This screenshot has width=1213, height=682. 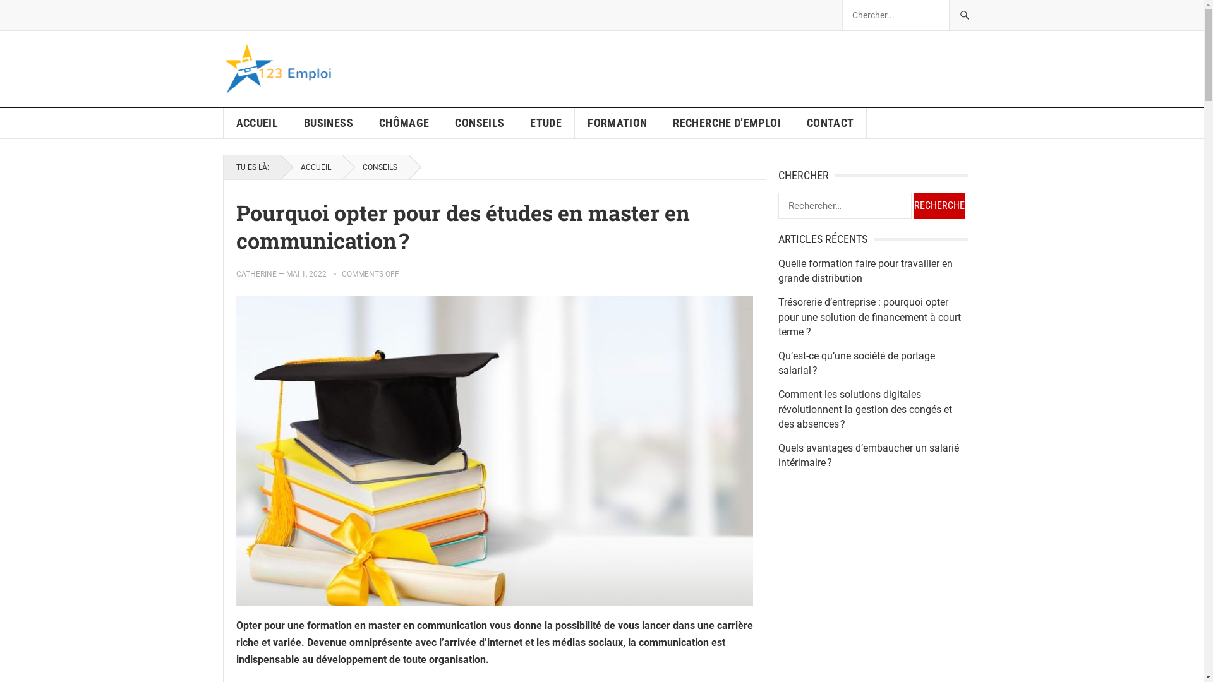 I want to click on 'CONTACT', so click(x=831, y=123).